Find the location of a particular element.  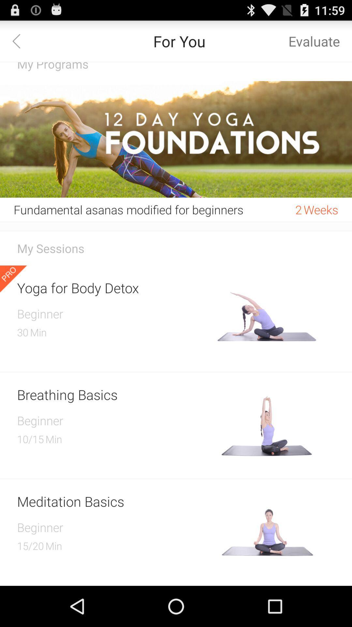

the meditation basics icon is located at coordinates (114, 501).